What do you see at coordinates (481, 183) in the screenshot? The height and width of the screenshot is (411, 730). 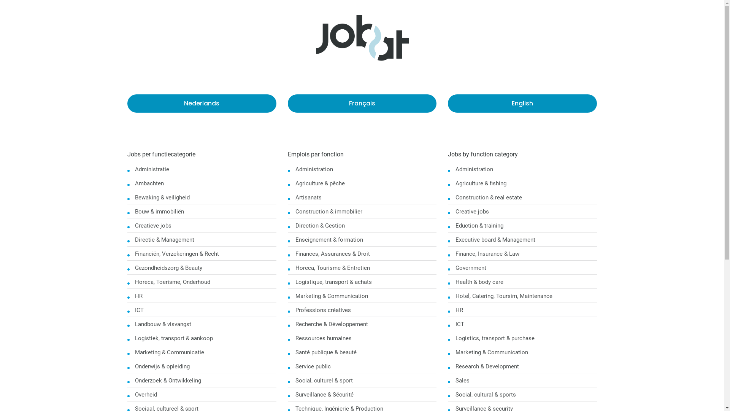 I see `'Agriculture & fishing'` at bounding box center [481, 183].